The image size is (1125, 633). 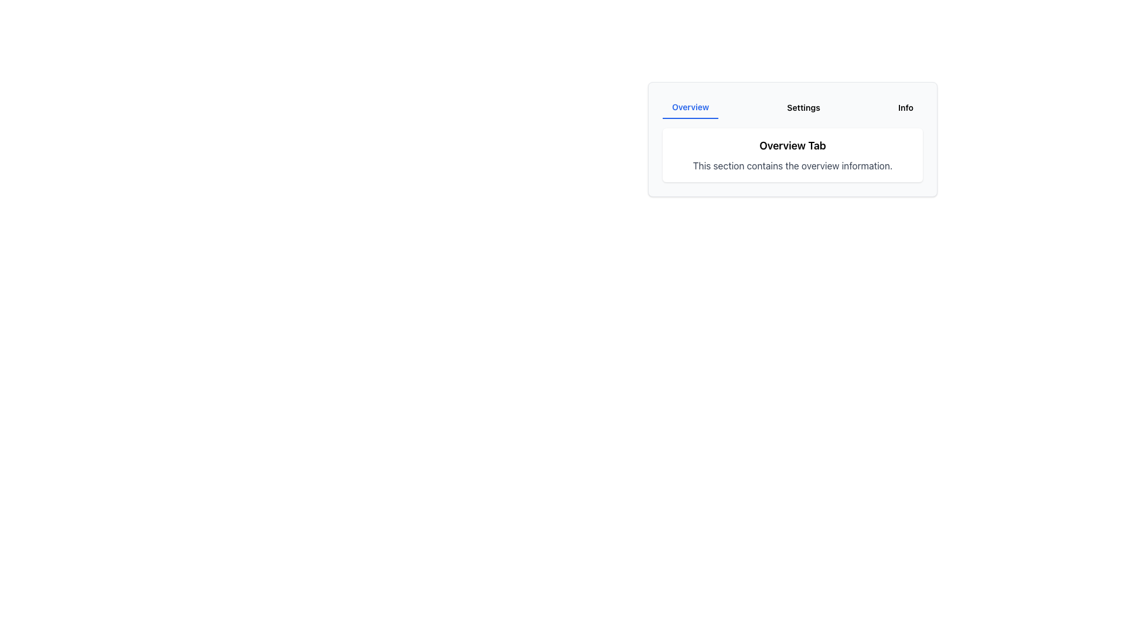 I want to click on the settings tab located in the navigation bar between the 'Overview' and 'Info' tabs, so click(x=803, y=108).